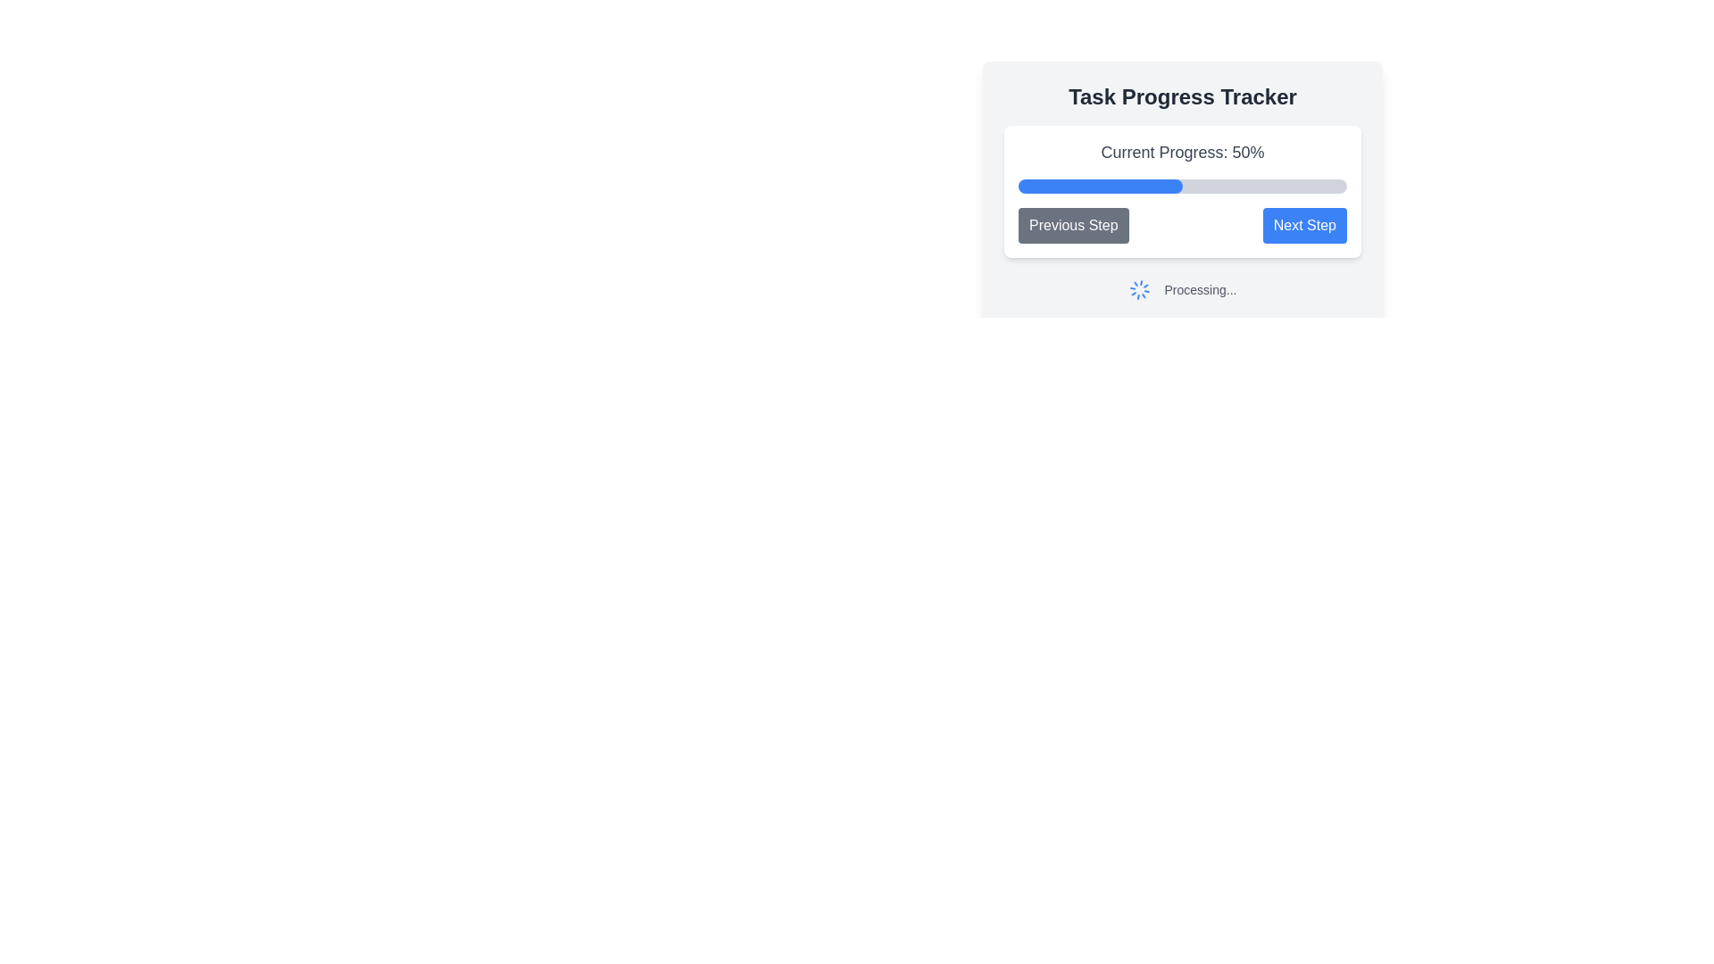  What do you see at coordinates (1182, 192) in the screenshot?
I see `the Progress bar indicator located below the 'Current Progress: 50%' text and above the 'Previous Step' and 'Next Step' buttons` at bounding box center [1182, 192].